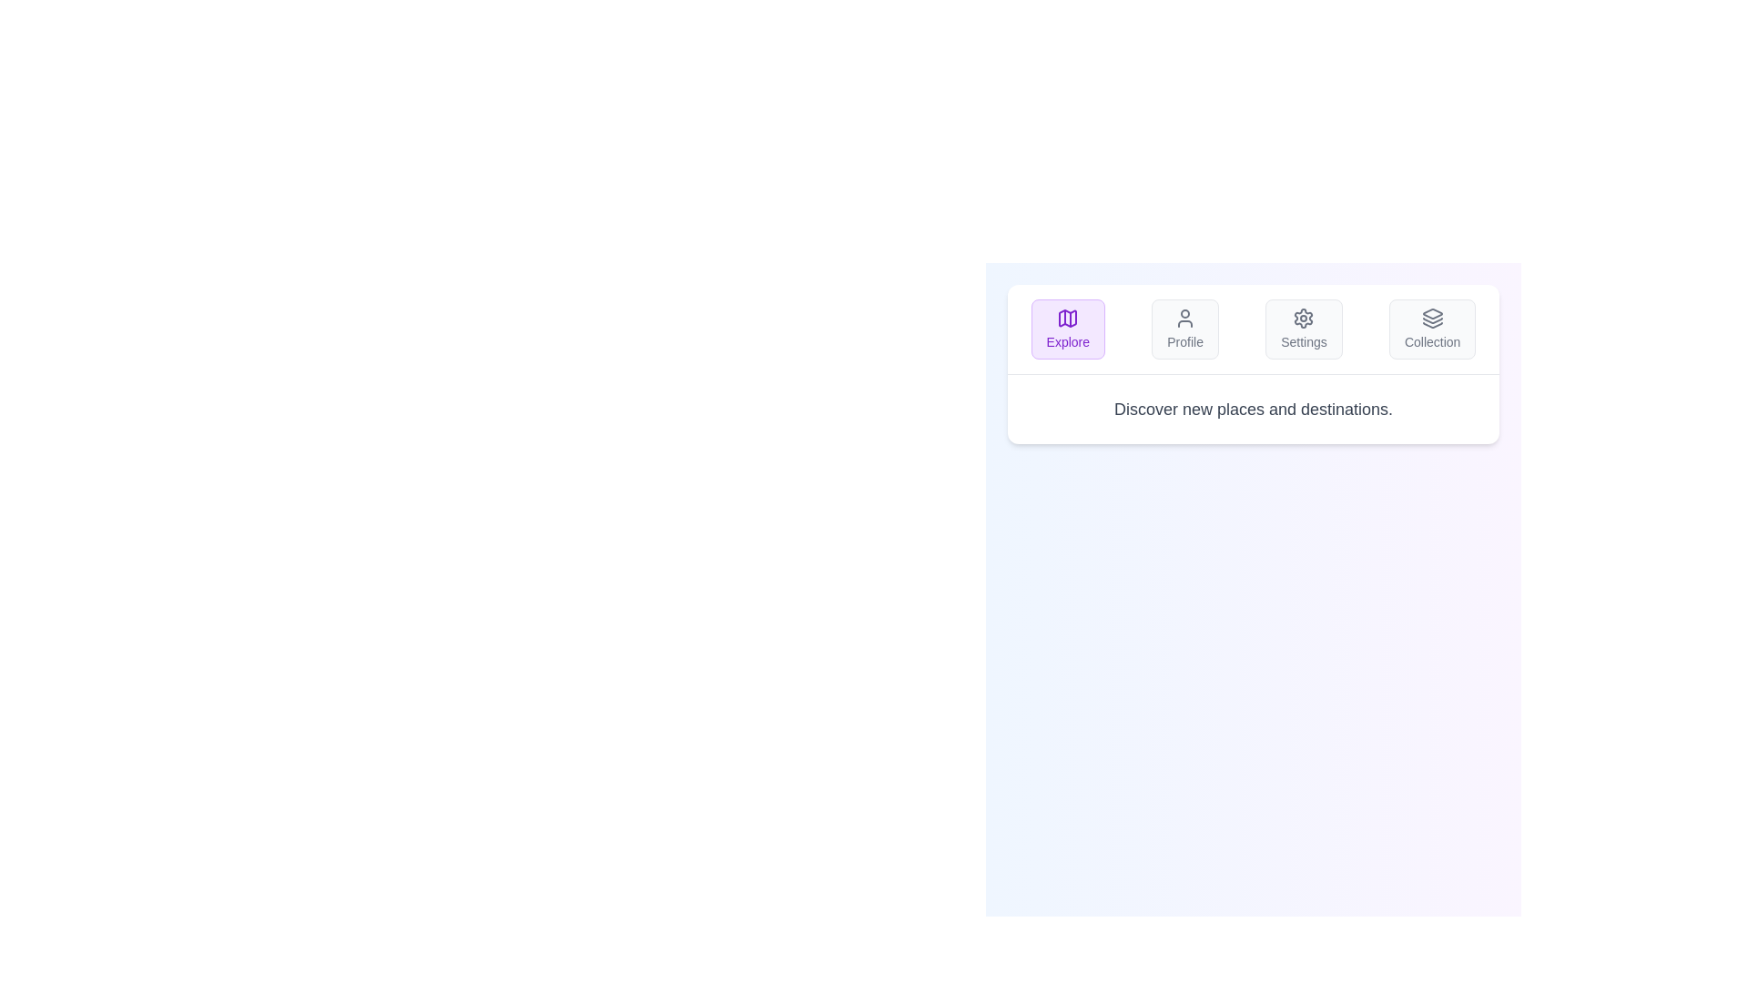  Describe the element at coordinates (1068, 318) in the screenshot. I see `the 'Explore' icon located at the top-left corner of the horizontal menu, preceding the buttons labeled 'Profile,' 'Settings,' and 'Collection.'` at that location.